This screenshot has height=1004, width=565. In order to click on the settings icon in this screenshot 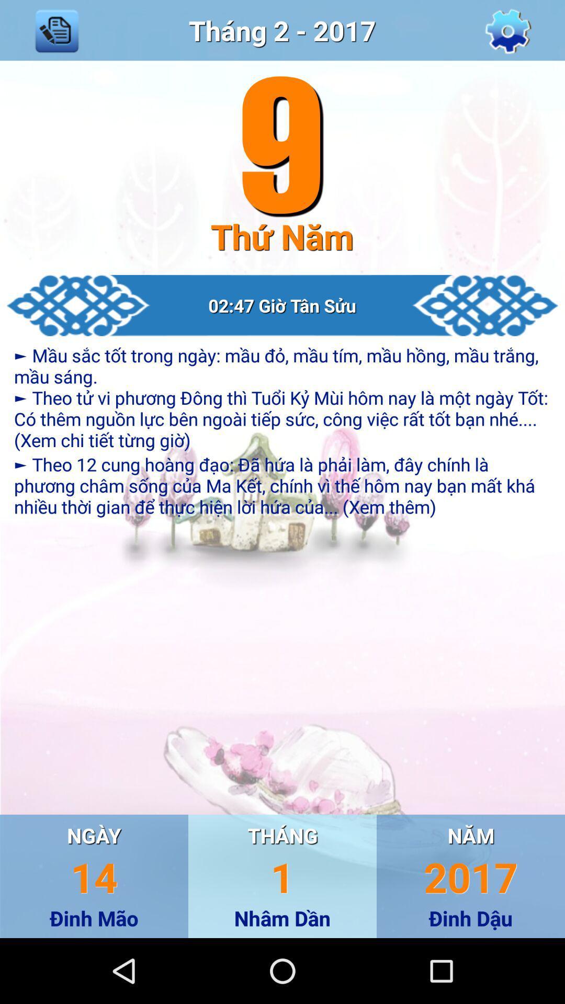, I will do `click(507, 32)`.